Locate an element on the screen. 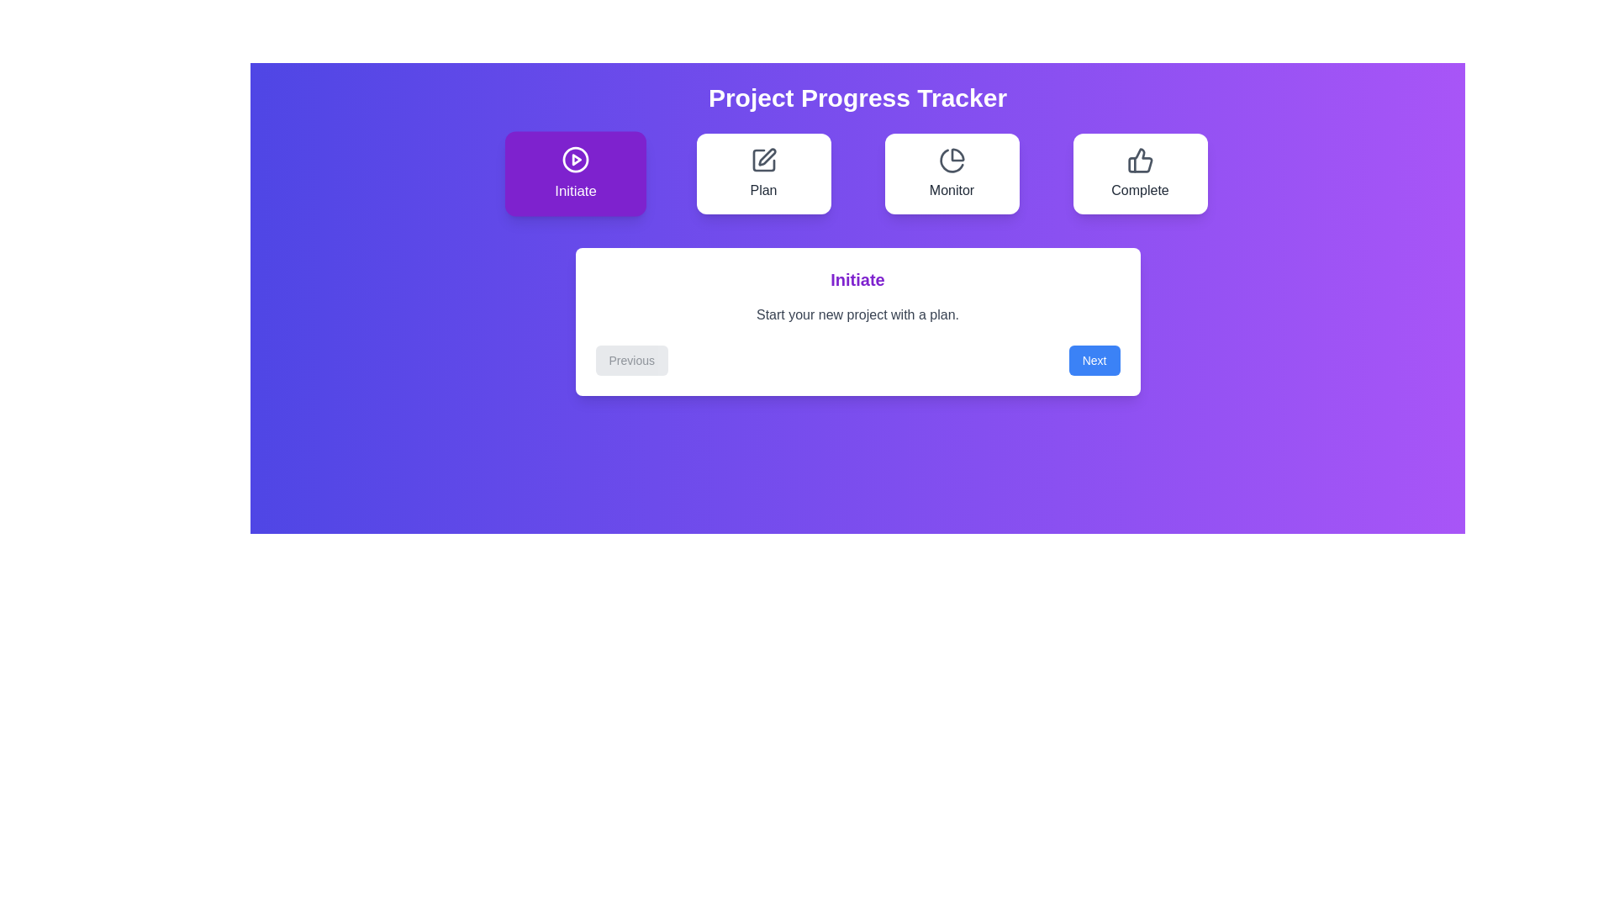 The height and width of the screenshot is (908, 1614). the step Complete in the progress tracker is located at coordinates (1140, 174).